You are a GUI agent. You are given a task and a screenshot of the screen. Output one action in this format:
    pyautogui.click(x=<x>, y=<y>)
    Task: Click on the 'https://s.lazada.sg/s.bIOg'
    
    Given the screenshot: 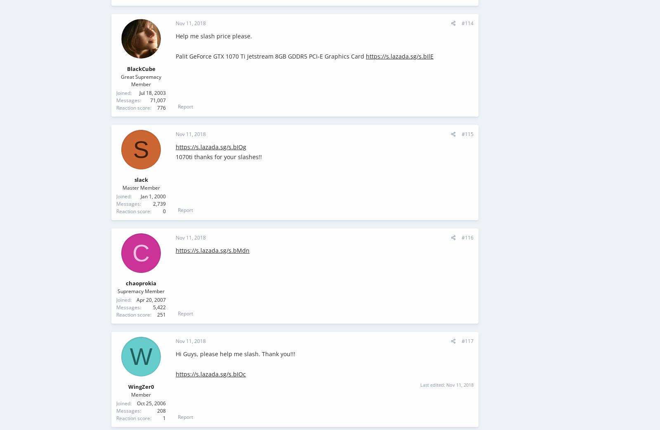 What is the action you would take?
    pyautogui.click(x=210, y=146)
    